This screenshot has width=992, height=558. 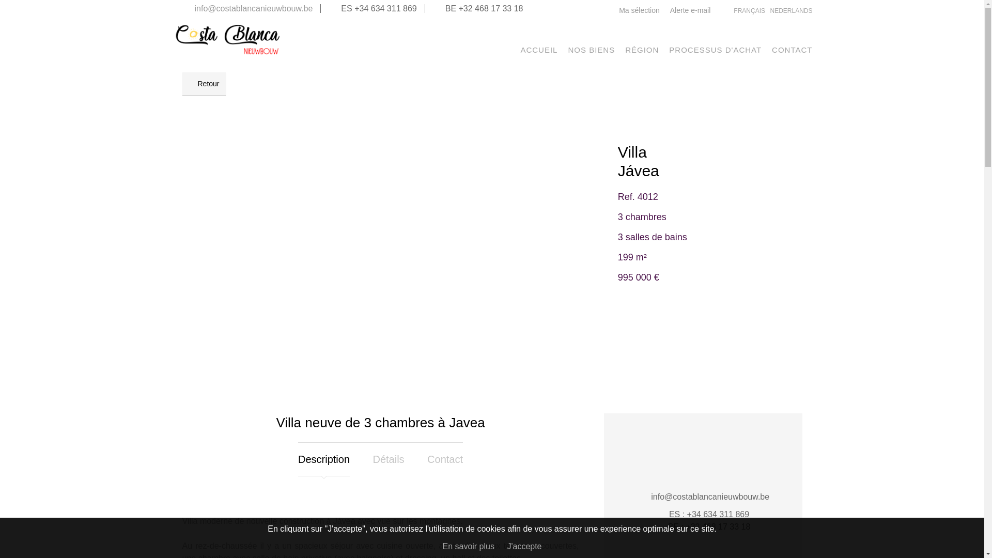 What do you see at coordinates (490, 8) in the screenshot?
I see `'+32 468 17 33 18'` at bounding box center [490, 8].